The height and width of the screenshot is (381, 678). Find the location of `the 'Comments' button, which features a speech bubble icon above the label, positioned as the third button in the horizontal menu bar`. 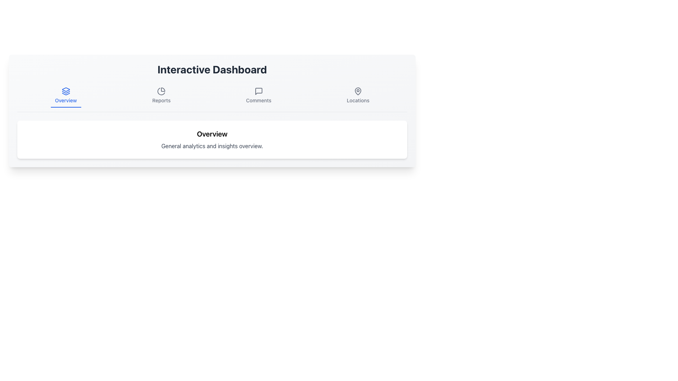

the 'Comments' button, which features a speech bubble icon above the label, positioned as the third button in the horizontal menu bar is located at coordinates (258, 96).